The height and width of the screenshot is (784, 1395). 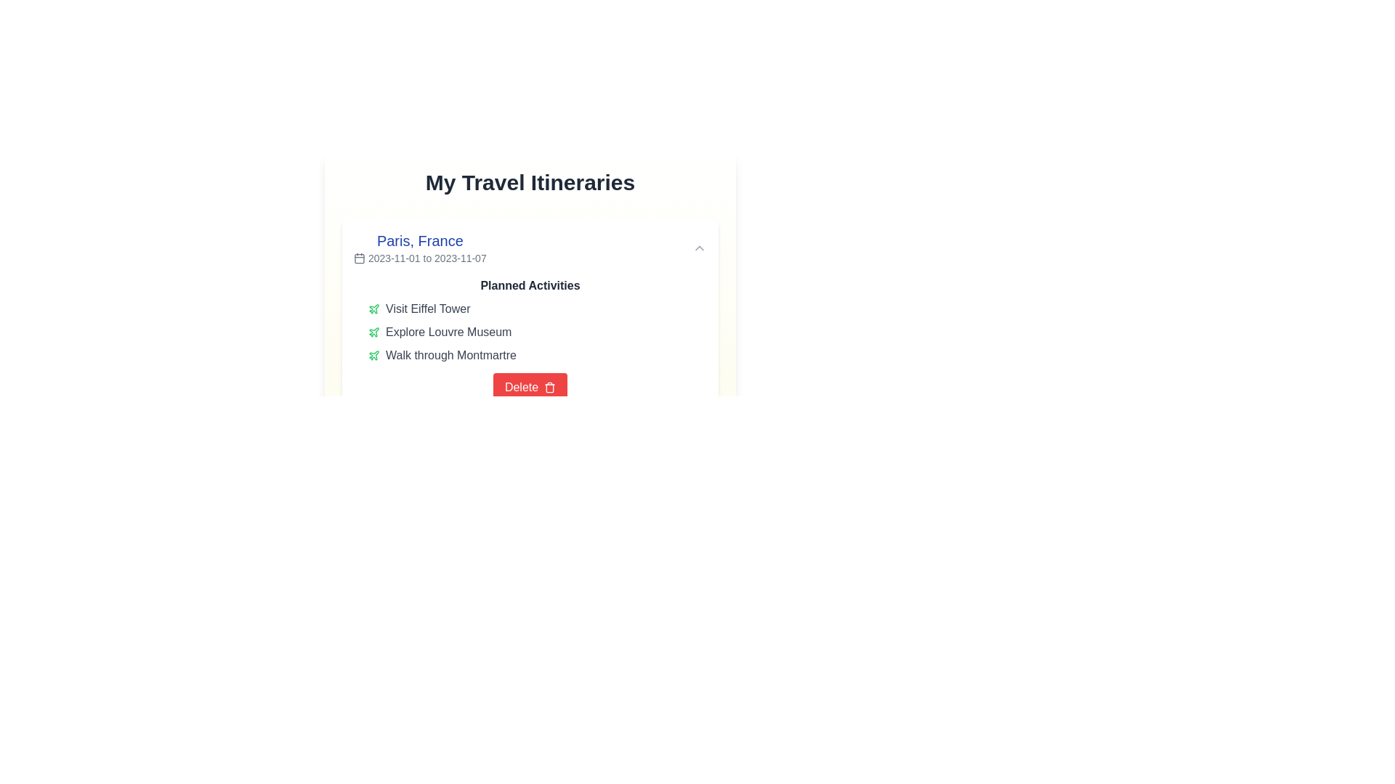 What do you see at coordinates (373, 332) in the screenshot?
I see `the small, green airplane icon that is positioned to the left of the 'Explore Louvre Museum' text block in the 'Planned Activities' group` at bounding box center [373, 332].